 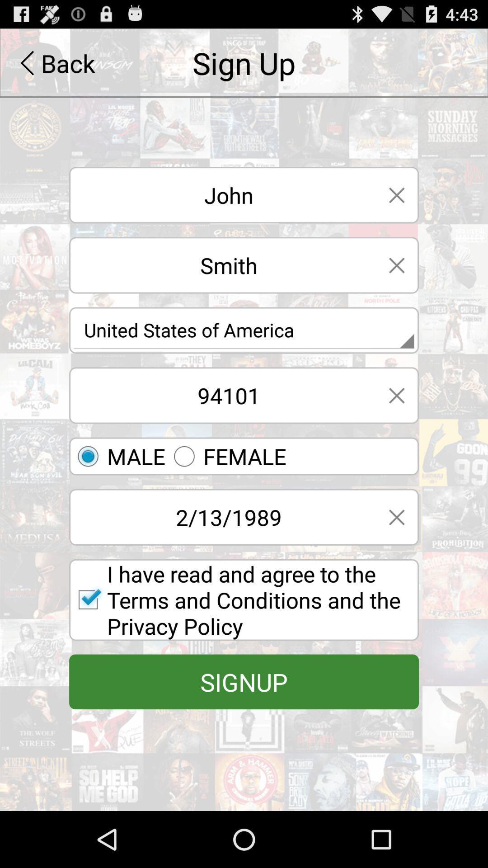 What do you see at coordinates (396, 517) in the screenshot?
I see `for close the box` at bounding box center [396, 517].